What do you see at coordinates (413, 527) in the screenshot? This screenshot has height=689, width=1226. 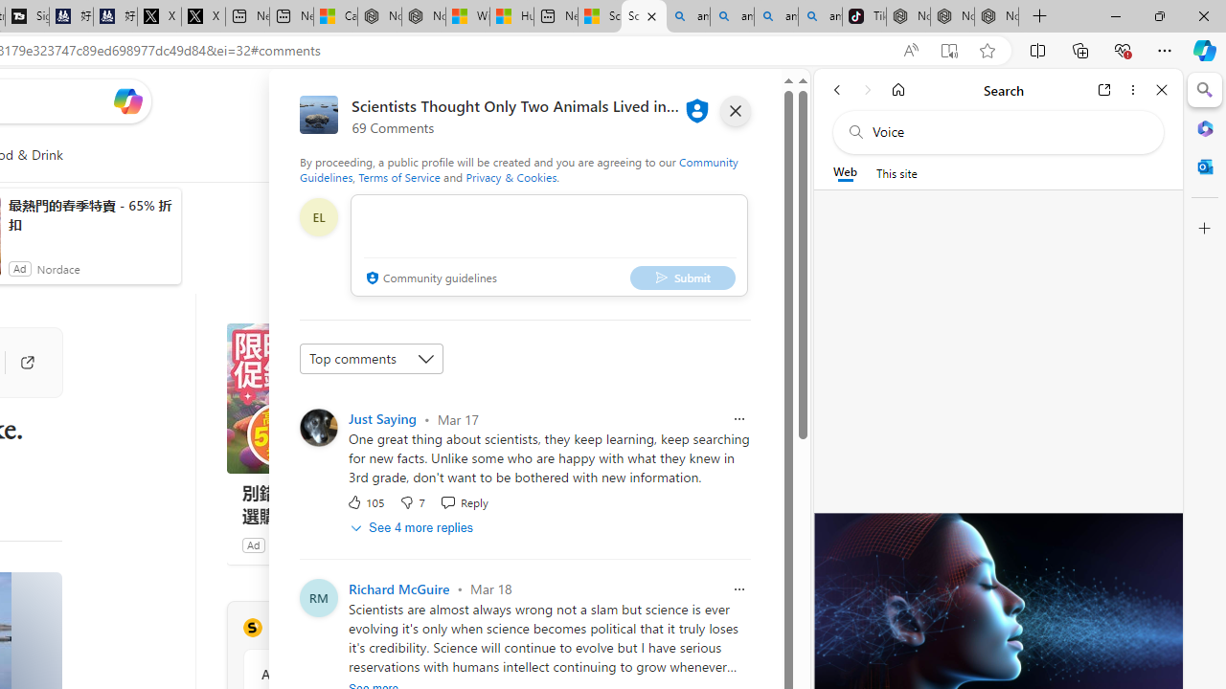 I see `'See 4 more replies'` at bounding box center [413, 527].